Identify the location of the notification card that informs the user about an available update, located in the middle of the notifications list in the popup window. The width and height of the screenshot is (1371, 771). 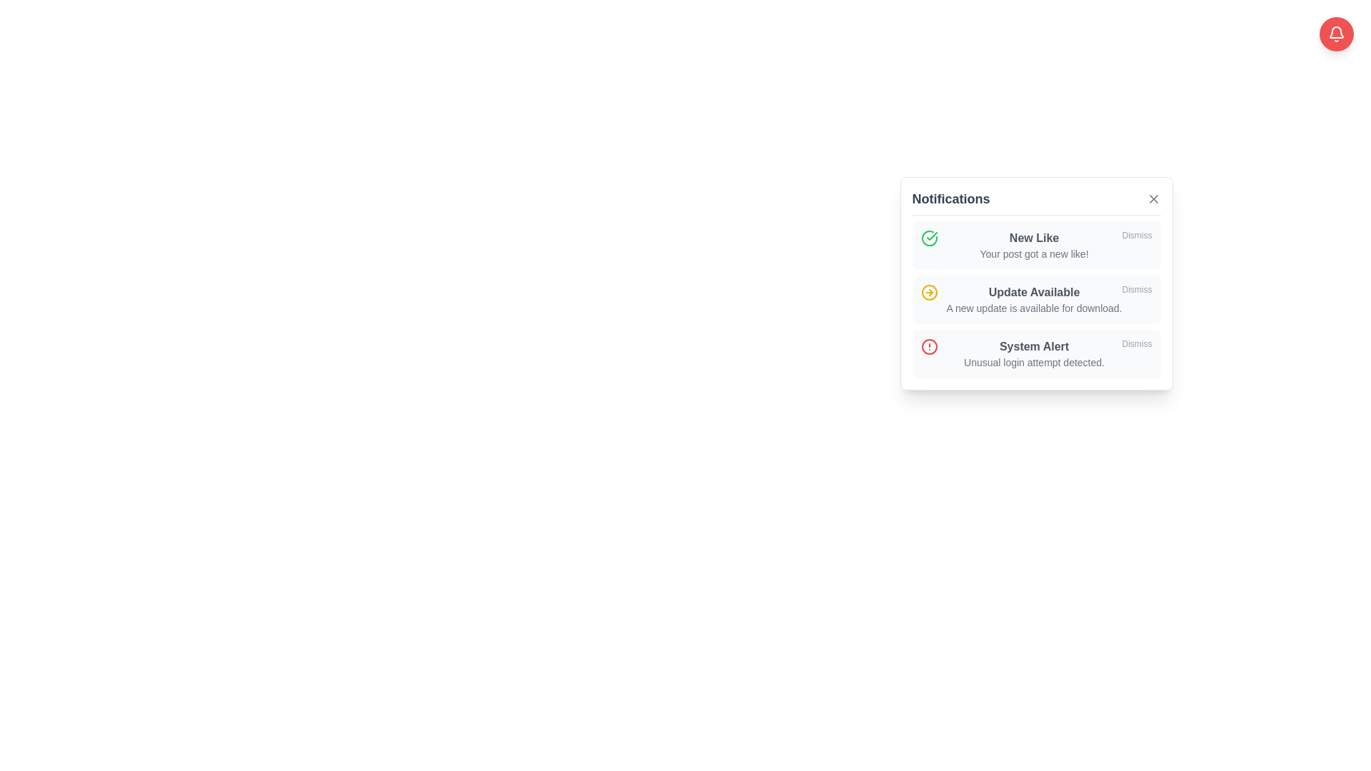
(1036, 283).